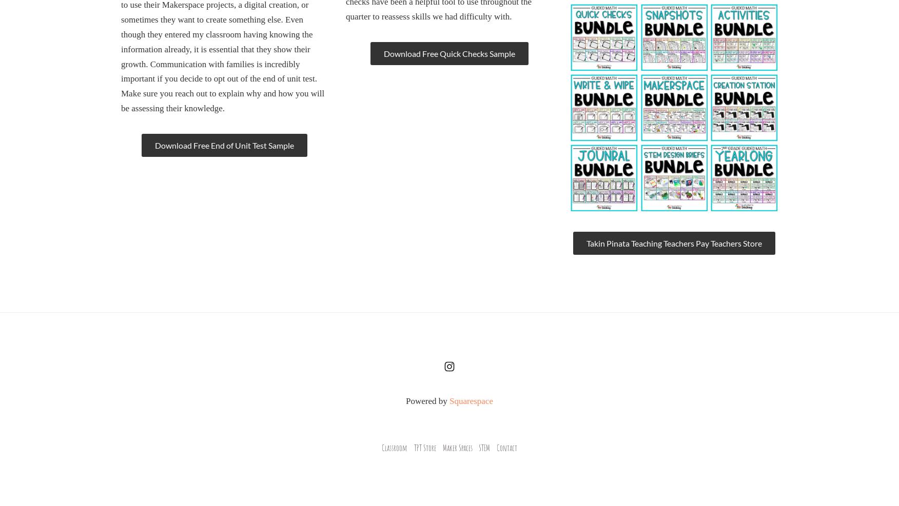 This screenshot has height=506, width=899. What do you see at coordinates (224, 145) in the screenshot?
I see `'Download Free End of Unit Test Sample'` at bounding box center [224, 145].